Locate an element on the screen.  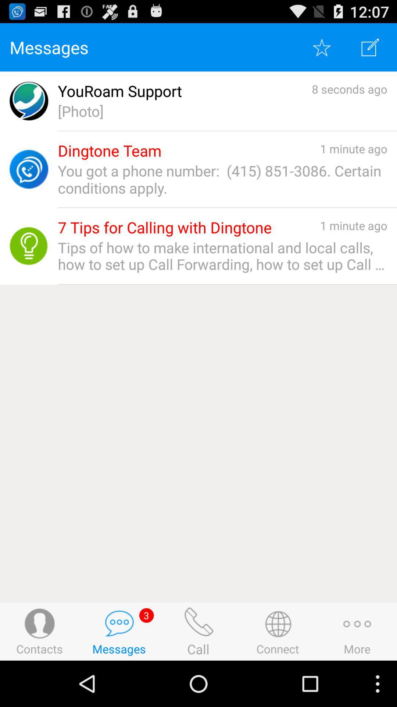
the 7 tips for app is located at coordinates (164, 227).